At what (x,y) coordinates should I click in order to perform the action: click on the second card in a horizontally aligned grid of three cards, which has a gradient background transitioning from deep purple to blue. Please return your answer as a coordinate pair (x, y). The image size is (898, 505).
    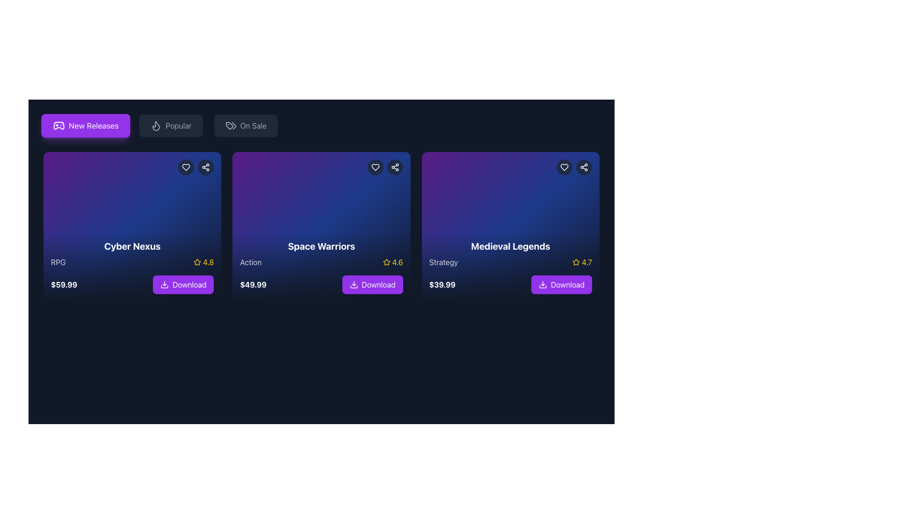
    Looking at the image, I should click on (321, 227).